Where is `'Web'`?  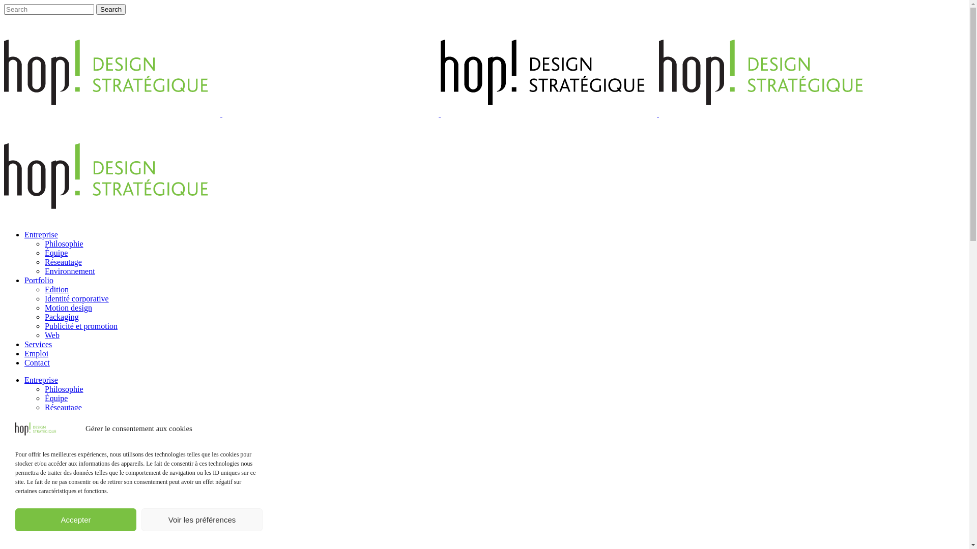 'Web' is located at coordinates (51, 335).